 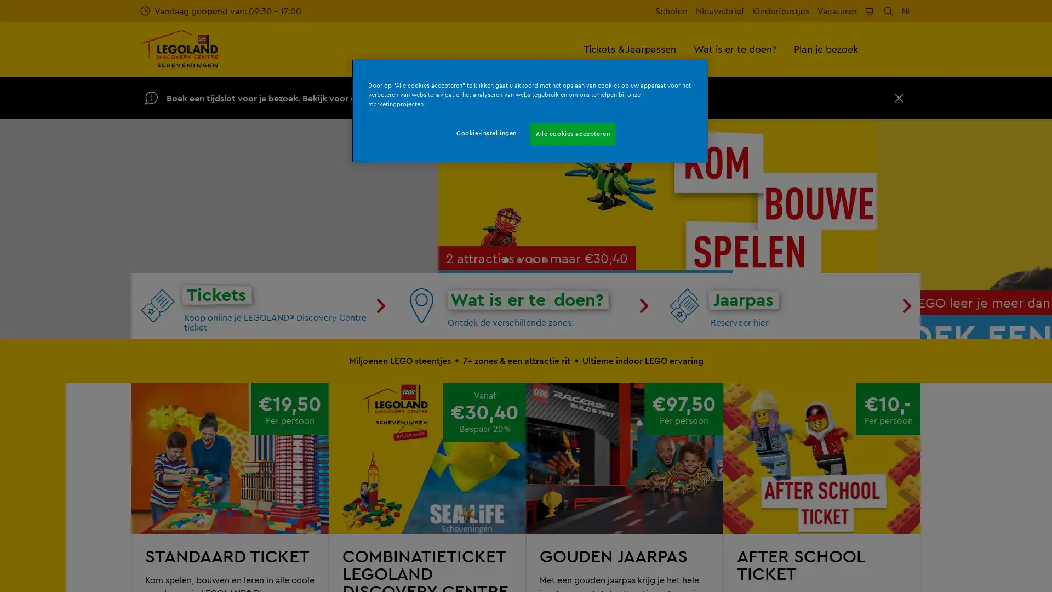 What do you see at coordinates (888, 10) in the screenshot?
I see `Zoeken` at bounding box center [888, 10].